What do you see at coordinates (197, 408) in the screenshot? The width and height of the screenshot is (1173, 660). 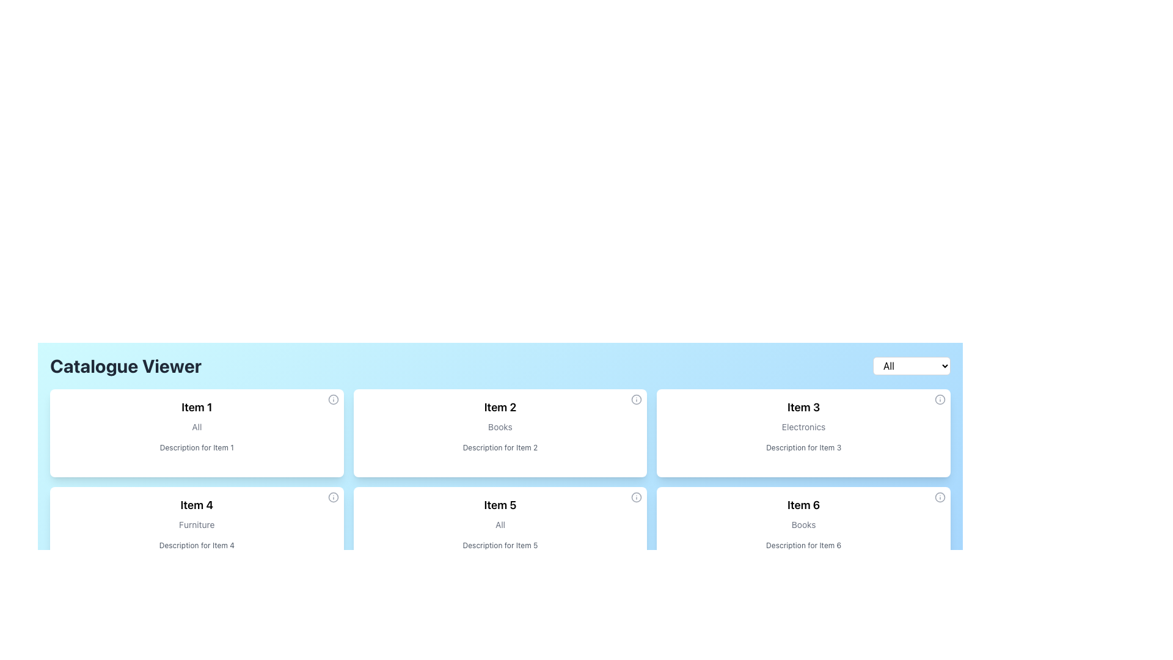 I see `the Text Label that serves as the title for 'Item 1' in the Catalogue Viewer card` at bounding box center [197, 408].